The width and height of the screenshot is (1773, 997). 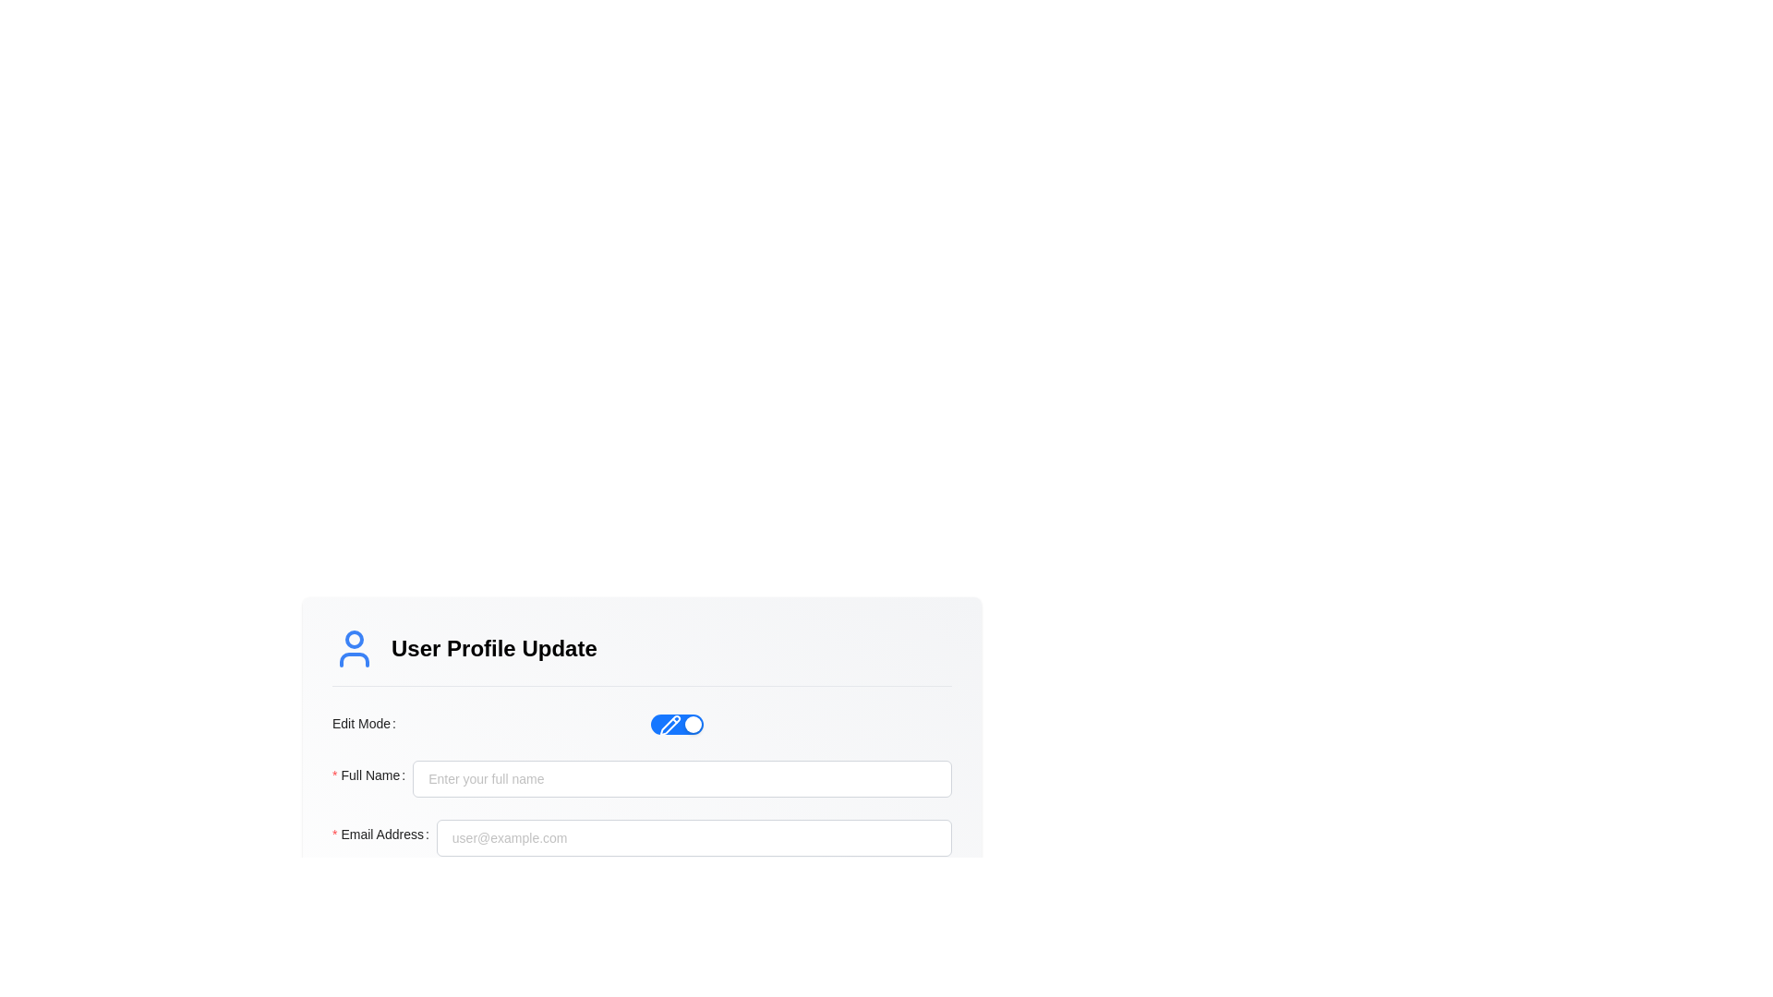 I want to click on the blue toggle switch in the checked state beside the 'Edit Mode' label, so click(x=669, y=724).